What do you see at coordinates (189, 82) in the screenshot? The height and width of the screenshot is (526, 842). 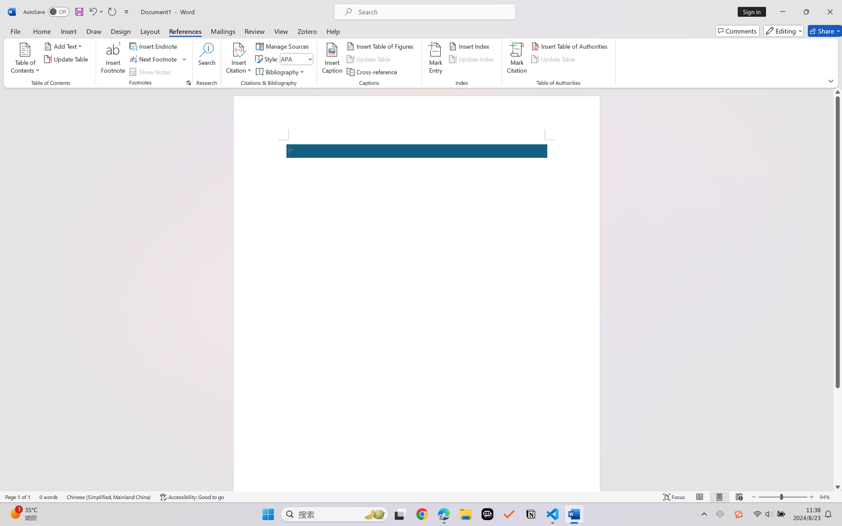 I see `'Footnote and Endnote Dialog...'` at bounding box center [189, 82].